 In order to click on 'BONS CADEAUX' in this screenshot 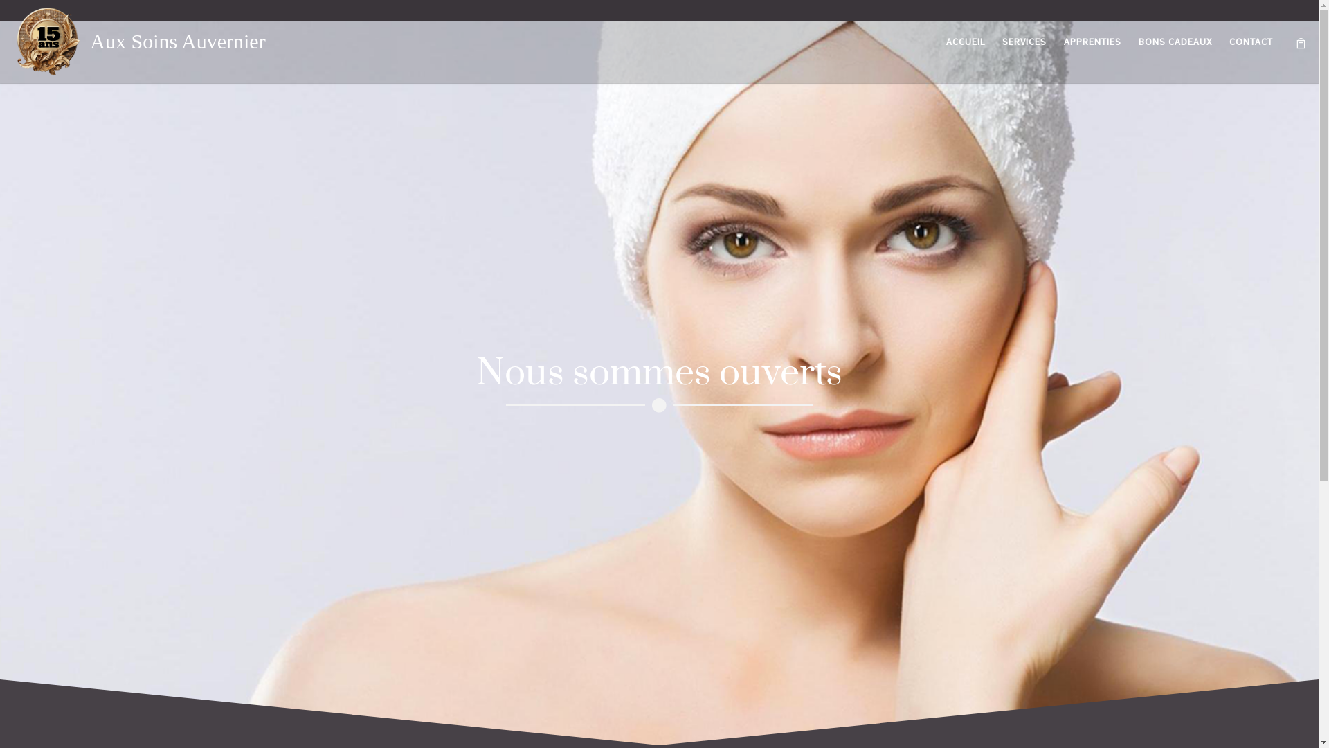, I will do `click(1175, 41)`.